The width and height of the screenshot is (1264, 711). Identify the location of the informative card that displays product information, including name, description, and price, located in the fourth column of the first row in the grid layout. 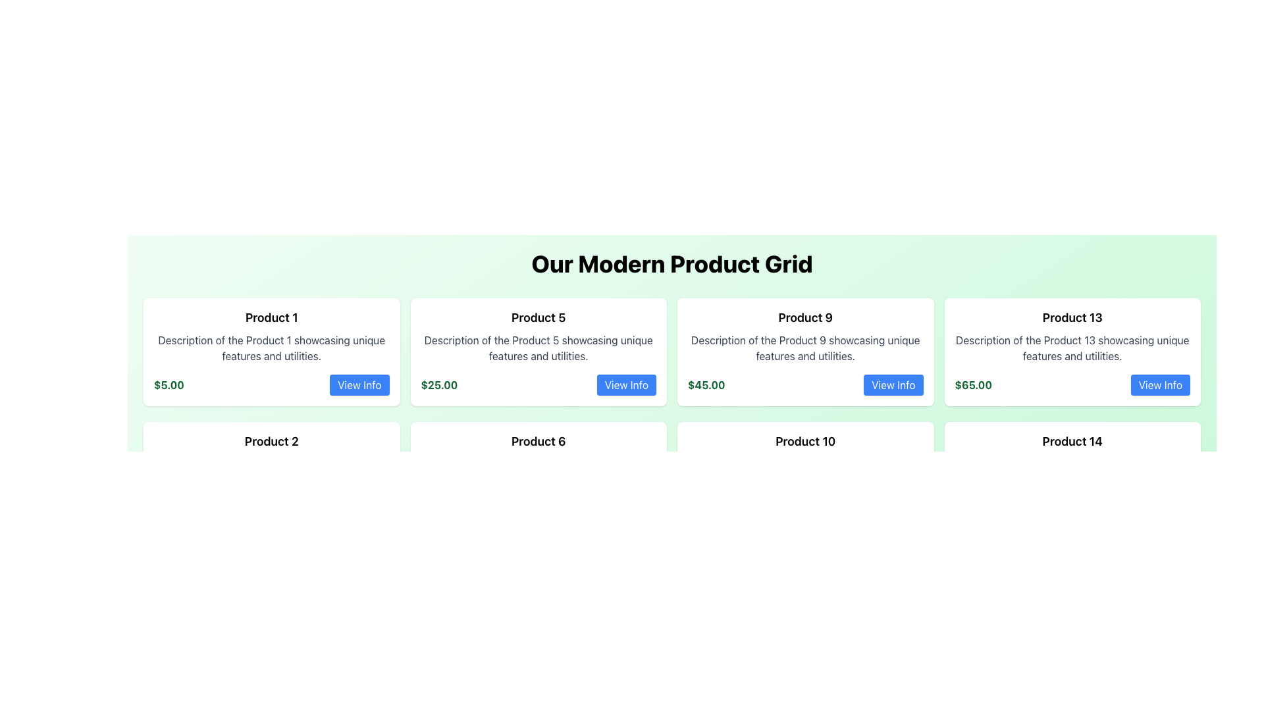
(1072, 352).